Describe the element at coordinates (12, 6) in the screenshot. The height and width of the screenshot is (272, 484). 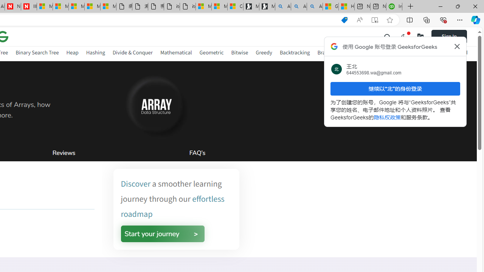
I see `'Newsweek - News, Analysis, Politics, Business, Technology'` at that location.